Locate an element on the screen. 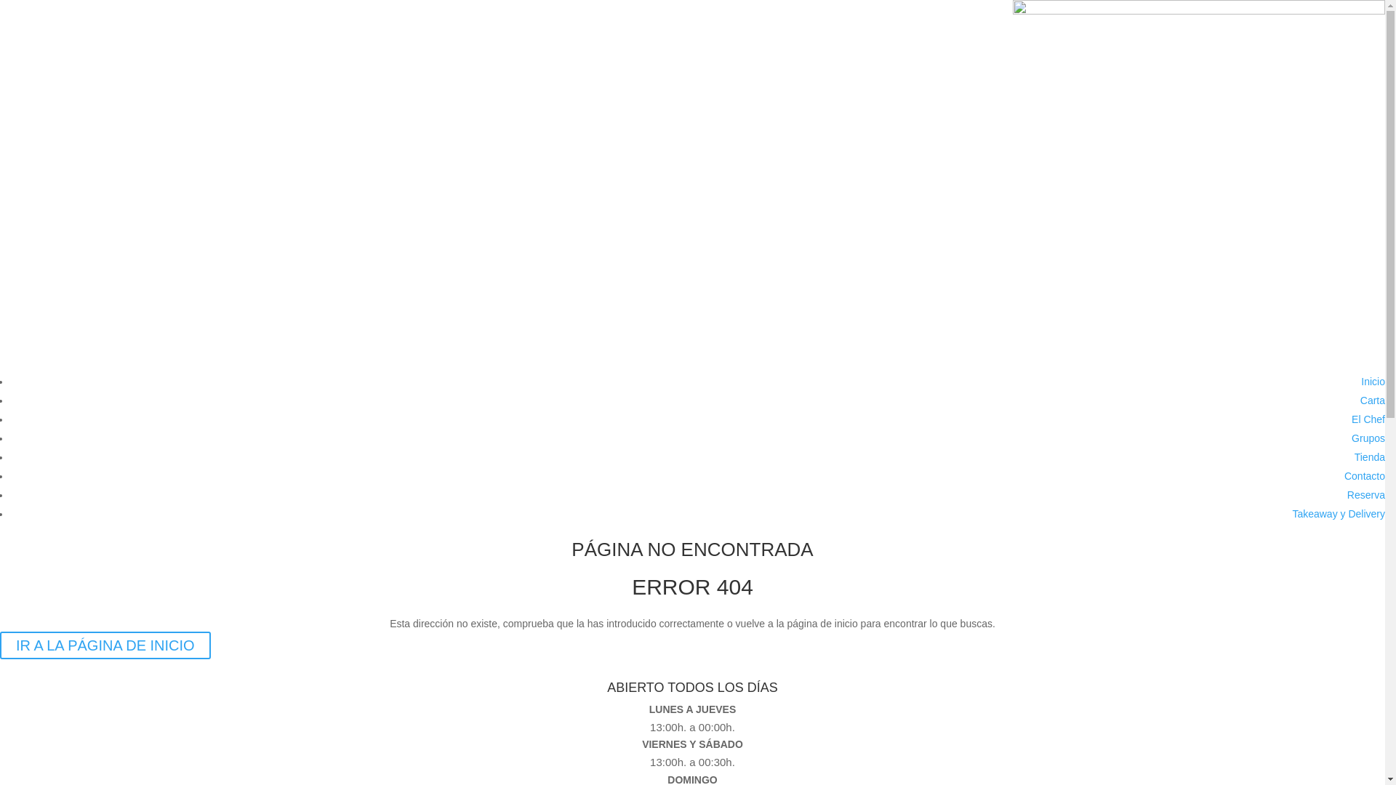  'Tienda' is located at coordinates (1368, 456).